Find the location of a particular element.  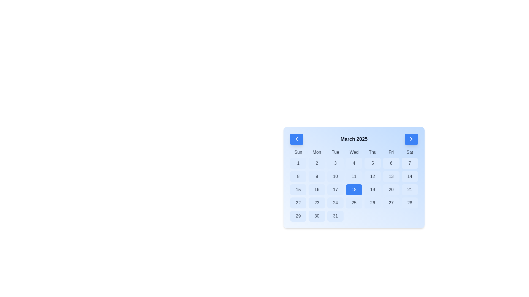

the button representing day '4' in the calendar under the 'Wed' column for interaction is located at coordinates (354, 163).